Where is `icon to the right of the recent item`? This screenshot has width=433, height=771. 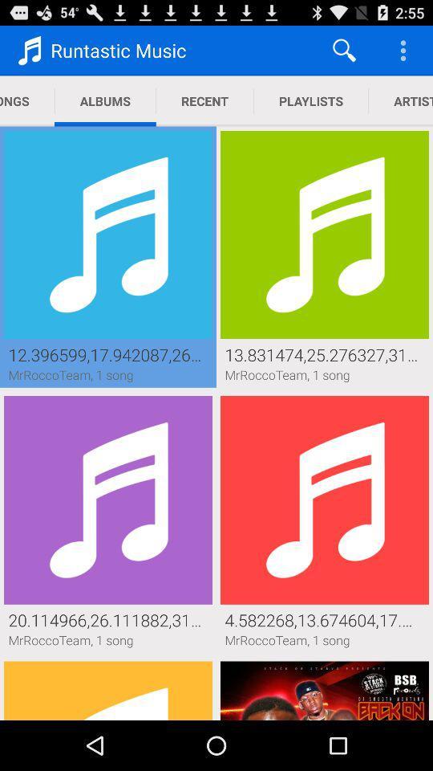
icon to the right of the recent item is located at coordinates (311, 100).